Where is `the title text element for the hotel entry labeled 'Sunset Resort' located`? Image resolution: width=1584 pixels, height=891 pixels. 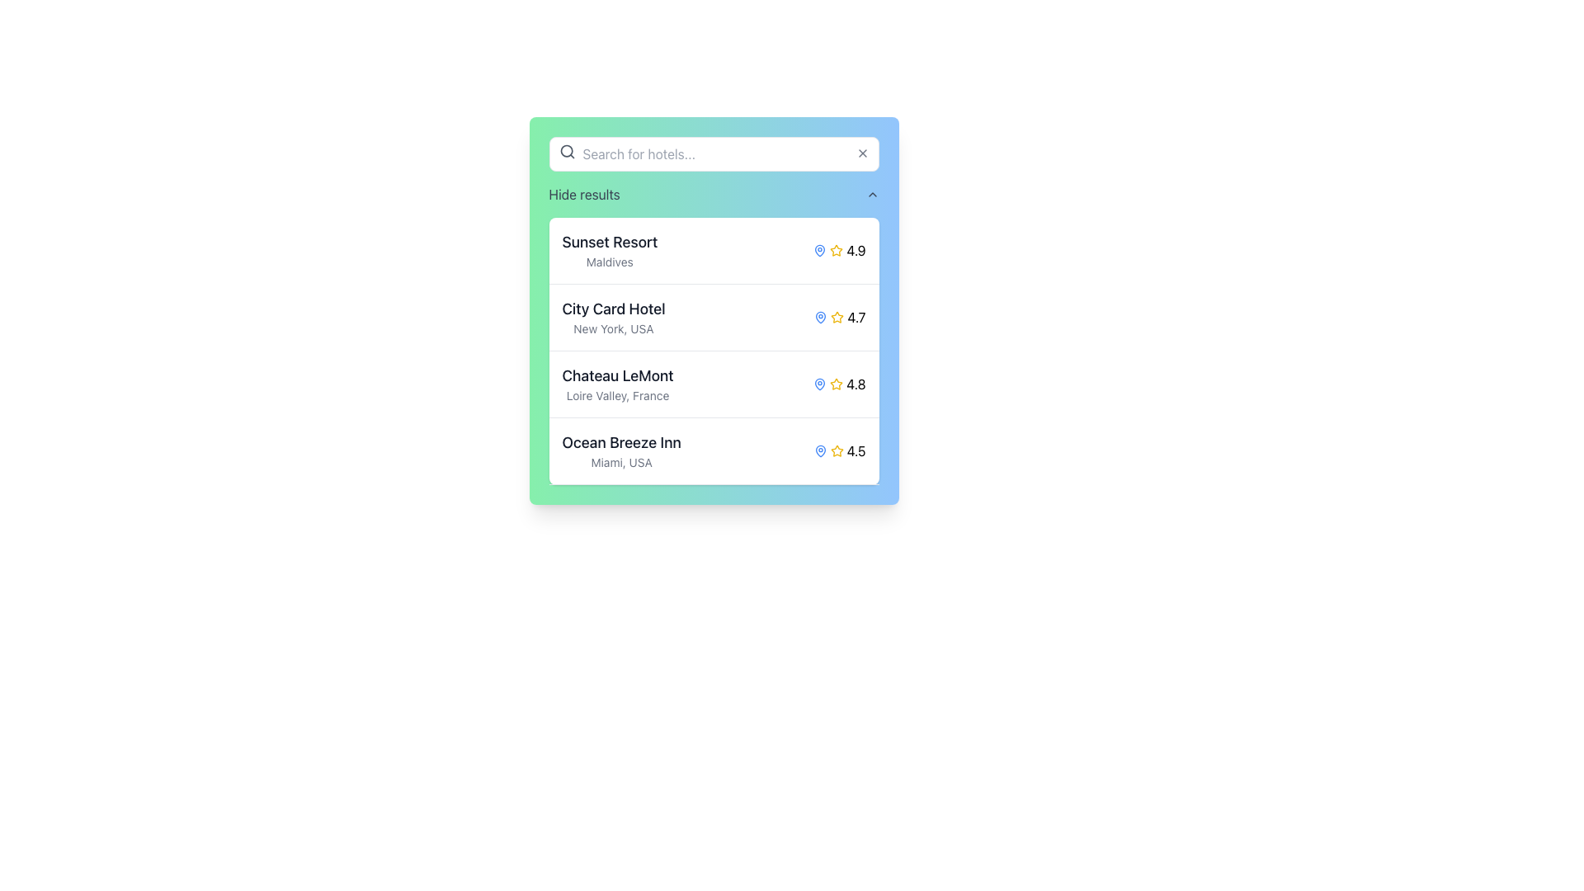
the title text element for the hotel entry labeled 'Sunset Resort' located is located at coordinates (609, 251).